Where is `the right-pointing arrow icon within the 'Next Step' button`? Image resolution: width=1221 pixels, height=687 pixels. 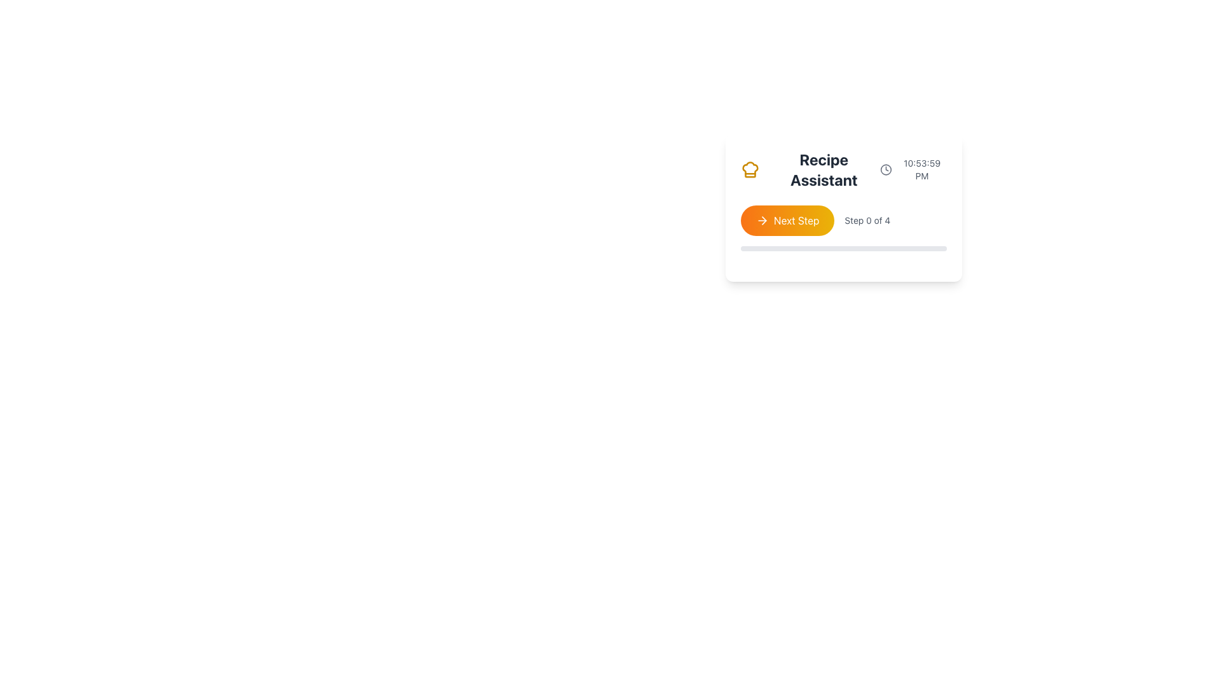
the right-pointing arrow icon within the 'Next Step' button is located at coordinates (763, 220).